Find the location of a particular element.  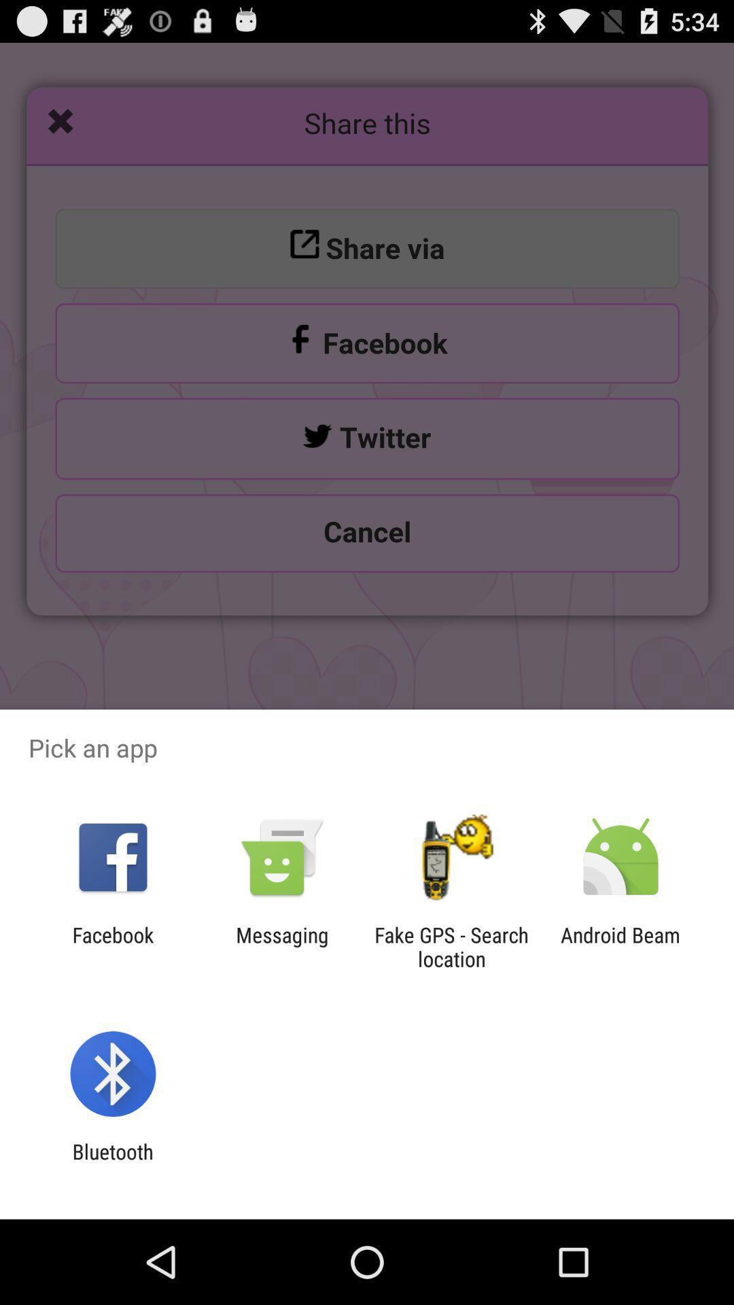

the item to the right of the fake gps search app is located at coordinates (621, 946).